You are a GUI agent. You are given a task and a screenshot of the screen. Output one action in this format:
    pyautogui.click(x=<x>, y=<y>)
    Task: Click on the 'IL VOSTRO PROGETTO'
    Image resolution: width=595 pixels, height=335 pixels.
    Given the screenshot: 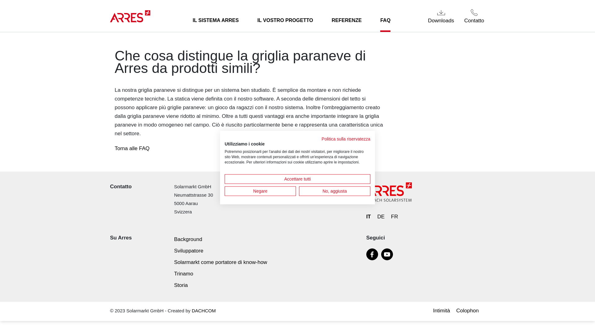 What is the action you would take?
    pyautogui.click(x=285, y=20)
    